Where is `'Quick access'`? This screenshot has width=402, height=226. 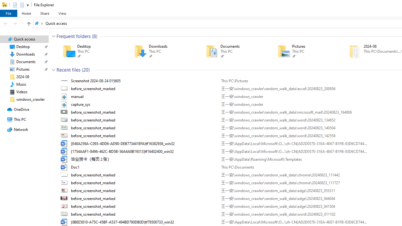 'Quick access' is located at coordinates (56, 23).